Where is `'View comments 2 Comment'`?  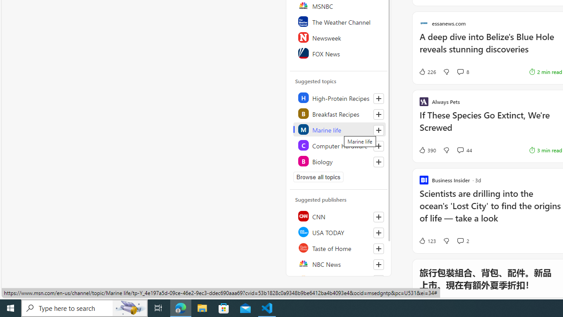 'View comments 2 Comment' is located at coordinates (462, 240).